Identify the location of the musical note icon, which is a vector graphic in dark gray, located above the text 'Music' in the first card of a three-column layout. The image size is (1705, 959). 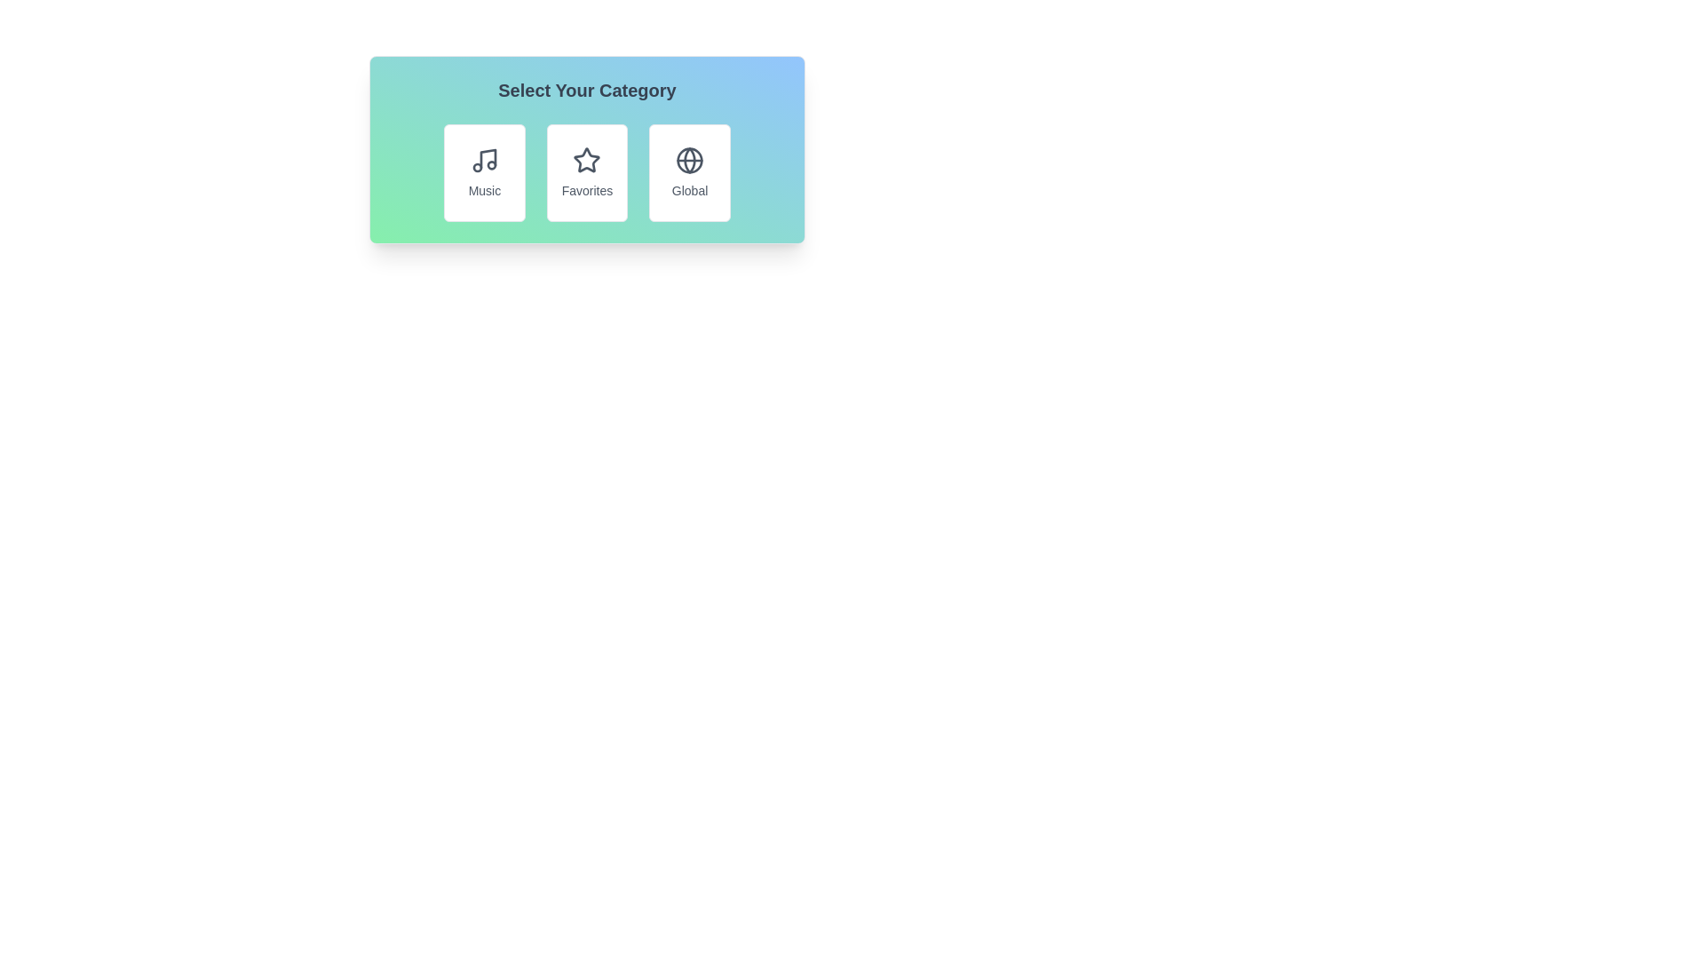
(484, 161).